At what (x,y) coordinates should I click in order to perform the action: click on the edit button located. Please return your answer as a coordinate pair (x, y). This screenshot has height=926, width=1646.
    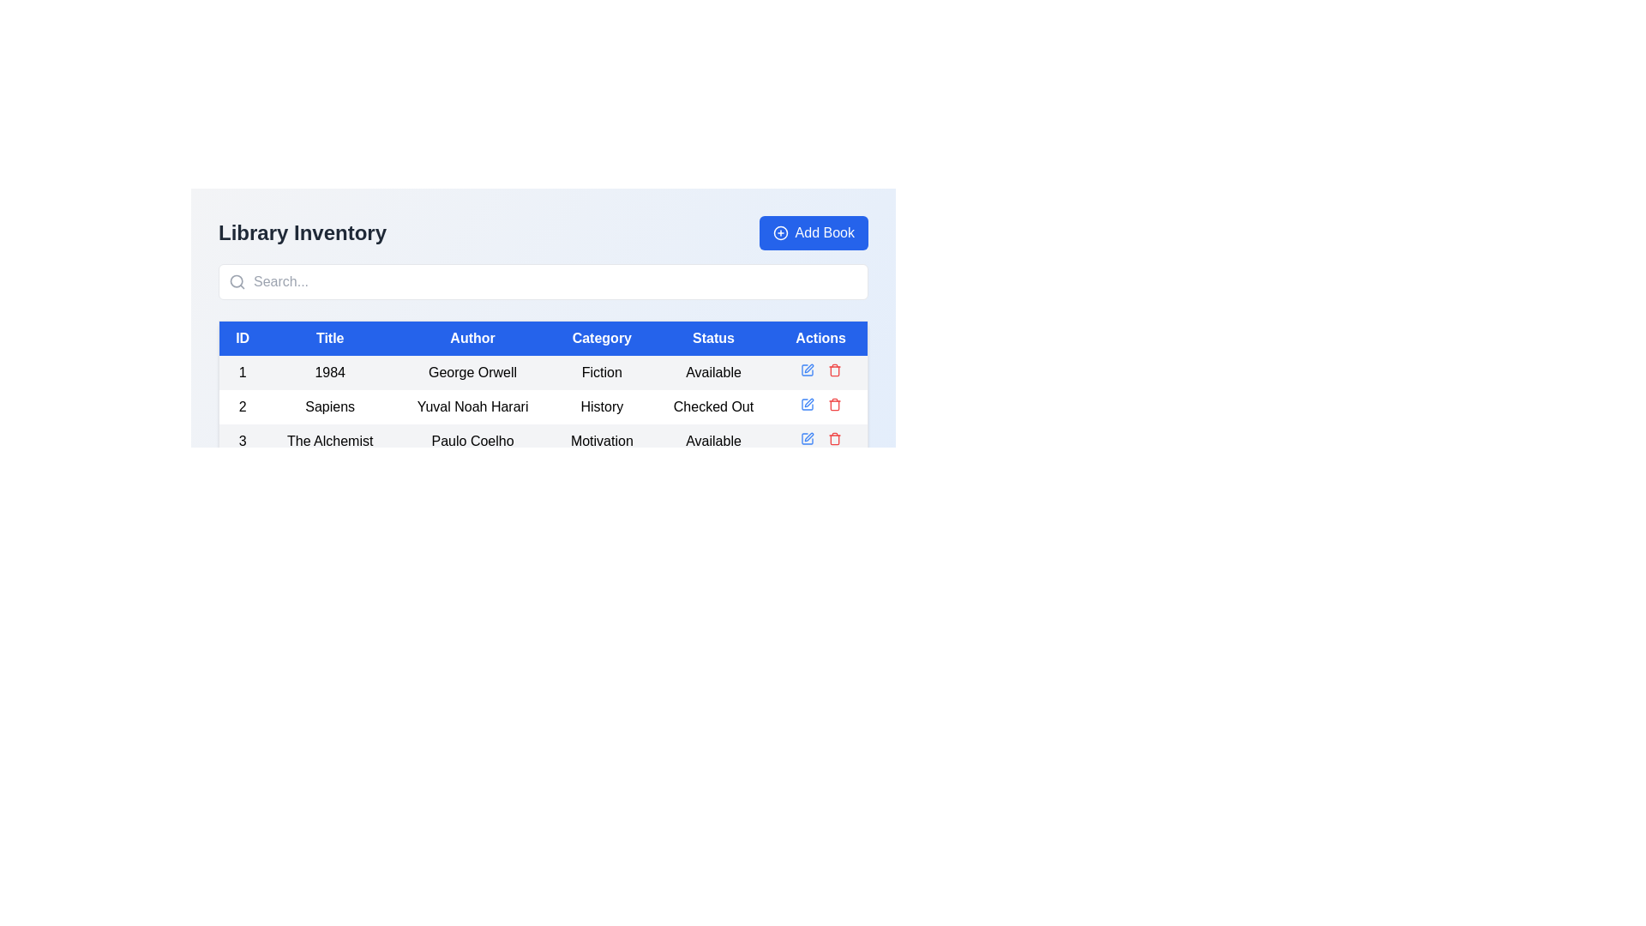
    Looking at the image, I should click on (806, 404).